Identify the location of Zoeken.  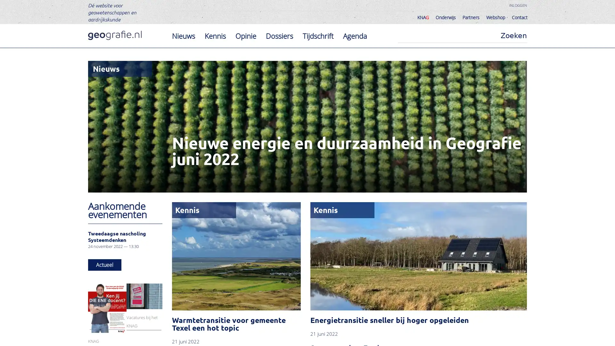
(513, 36).